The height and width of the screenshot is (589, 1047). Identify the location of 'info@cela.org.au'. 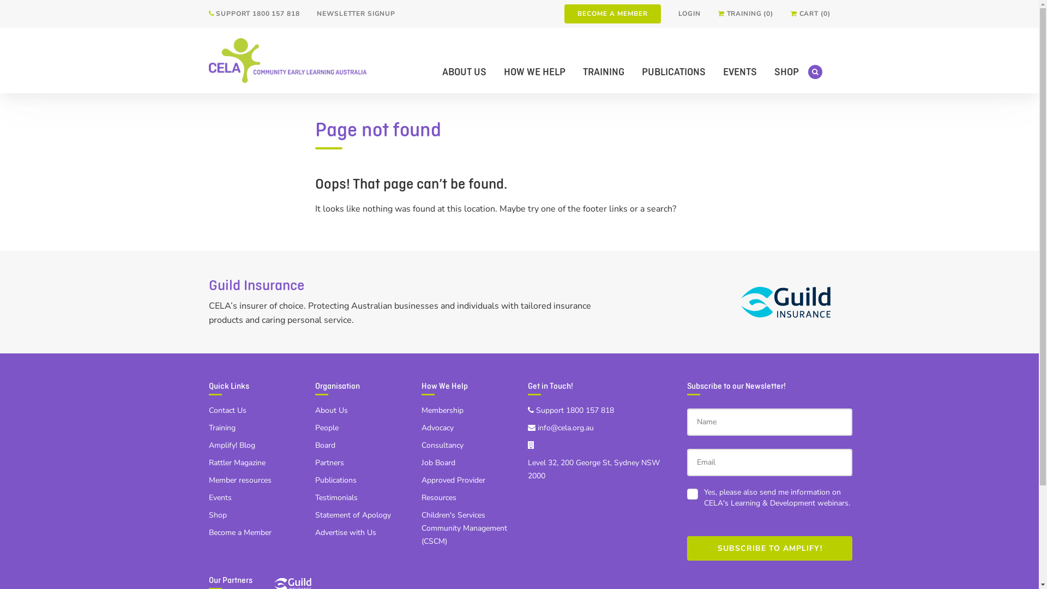
(561, 427).